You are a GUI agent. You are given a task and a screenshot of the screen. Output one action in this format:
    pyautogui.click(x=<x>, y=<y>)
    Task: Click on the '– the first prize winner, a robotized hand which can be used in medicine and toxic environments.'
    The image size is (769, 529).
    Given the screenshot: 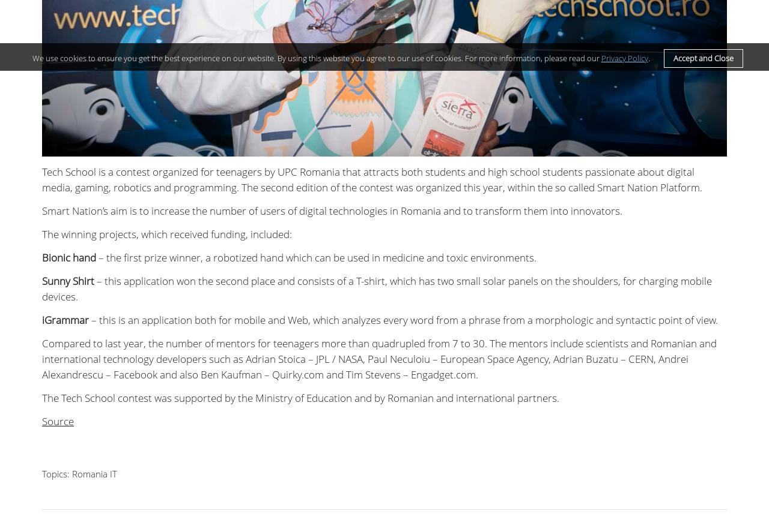 What is the action you would take?
    pyautogui.click(x=316, y=257)
    